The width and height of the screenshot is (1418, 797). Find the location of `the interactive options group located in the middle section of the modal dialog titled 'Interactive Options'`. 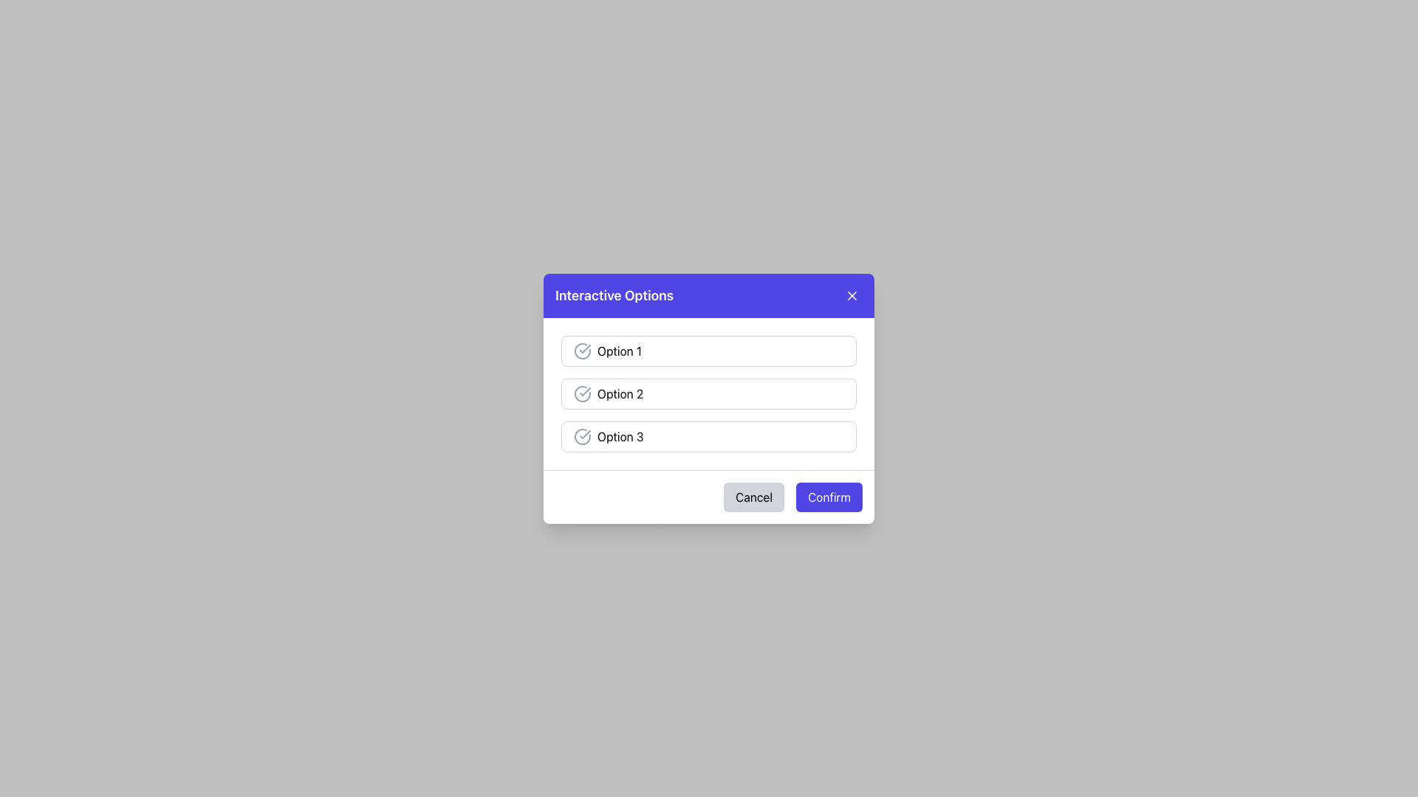

the interactive options group located in the middle section of the modal dialog titled 'Interactive Options' is located at coordinates (709, 393).